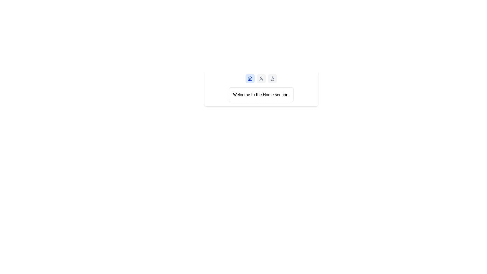 This screenshot has width=487, height=274. What do you see at coordinates (261, 95) in the screenshot?
I see `the informational Text Display that provides a welcome message in the Home section of the application, located below the row of icons` at bounding box center [261, 95].